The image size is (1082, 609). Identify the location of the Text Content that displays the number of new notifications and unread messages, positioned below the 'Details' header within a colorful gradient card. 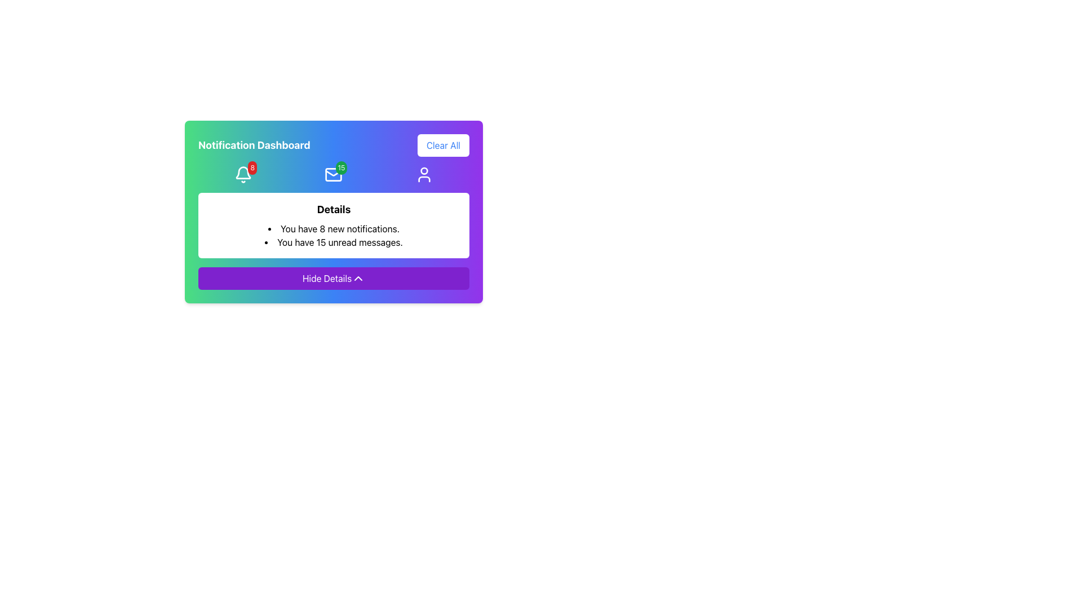
(333, 235).